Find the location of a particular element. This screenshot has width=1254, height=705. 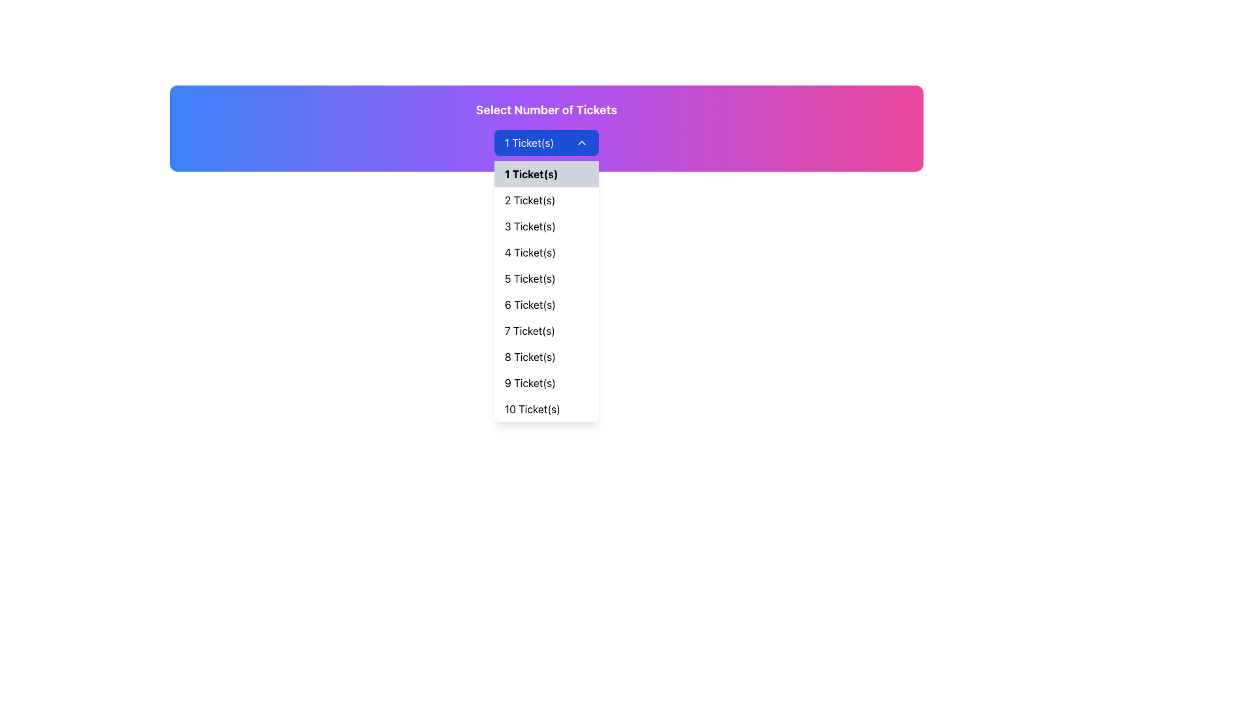

the upward chevron icon located to the far-right side of the '1 Ticket(s)' button is located at coordinates (581, 143).